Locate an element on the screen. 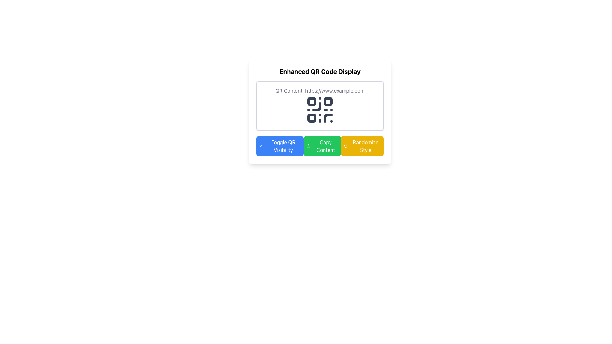 Image resolution: width=612 pixels, height=344 pixels. the upper right square of the QR code component, which is the second square in a 3x3 grid of the QR code is located at coordinates (328, 101).